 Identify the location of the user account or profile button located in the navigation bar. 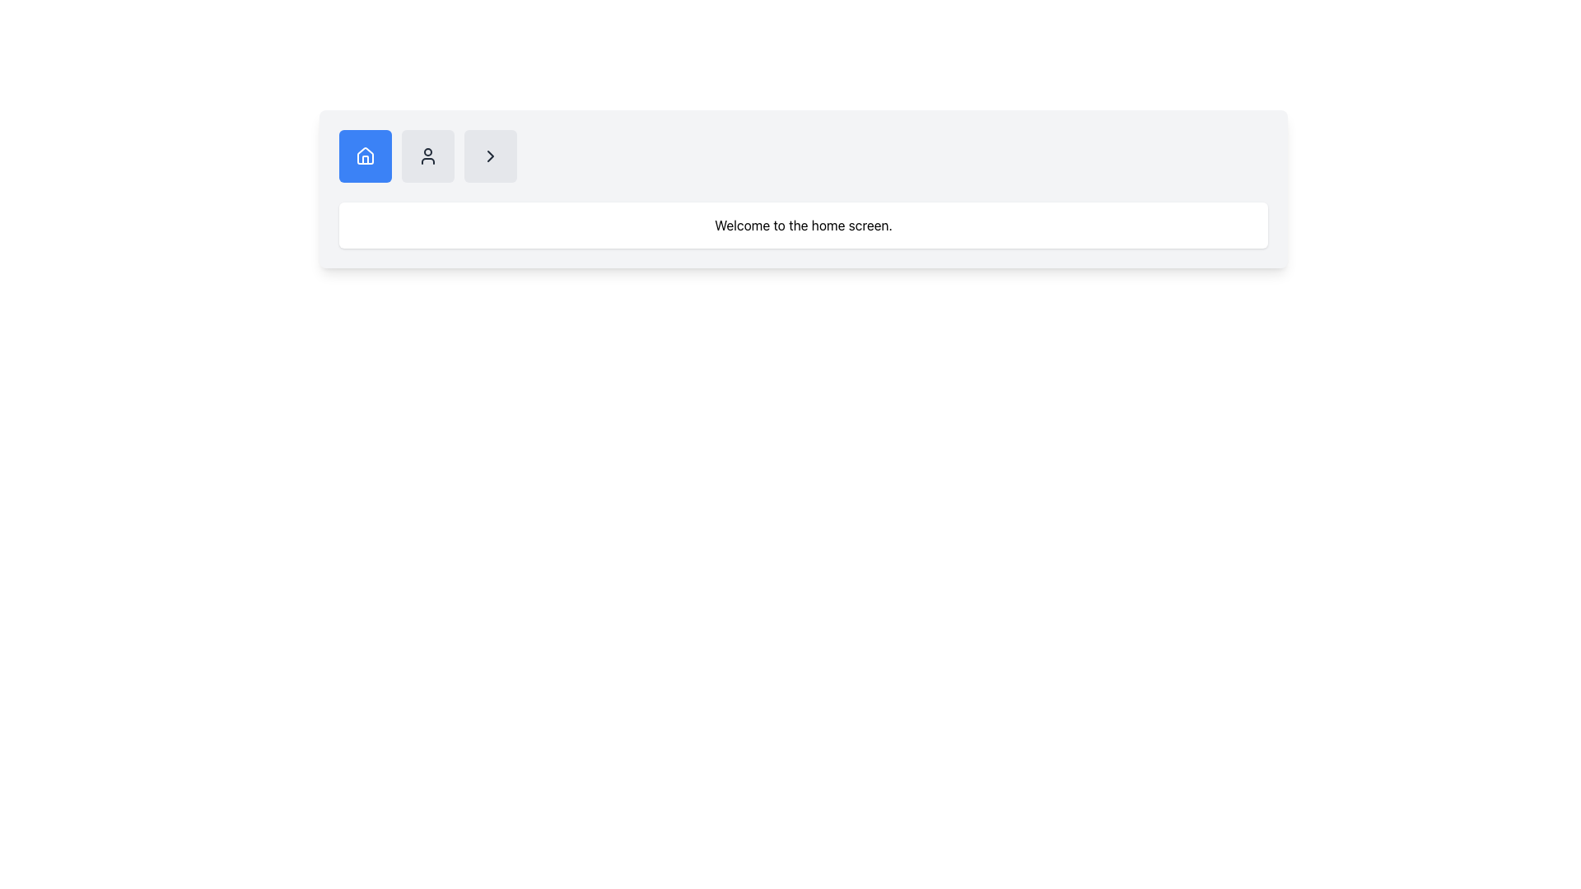
(427, 156).